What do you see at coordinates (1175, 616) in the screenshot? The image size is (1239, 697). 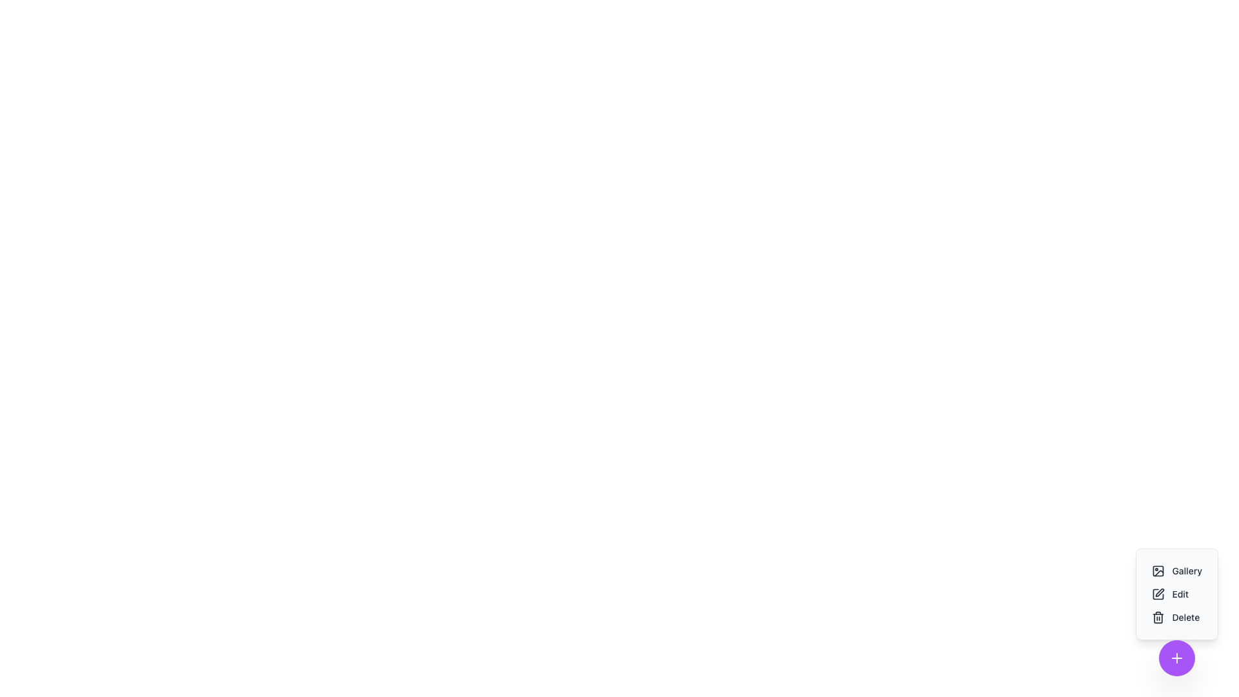 I see `the 'Delete' button with a trash bin icon` at bounding box center [1175, 616].